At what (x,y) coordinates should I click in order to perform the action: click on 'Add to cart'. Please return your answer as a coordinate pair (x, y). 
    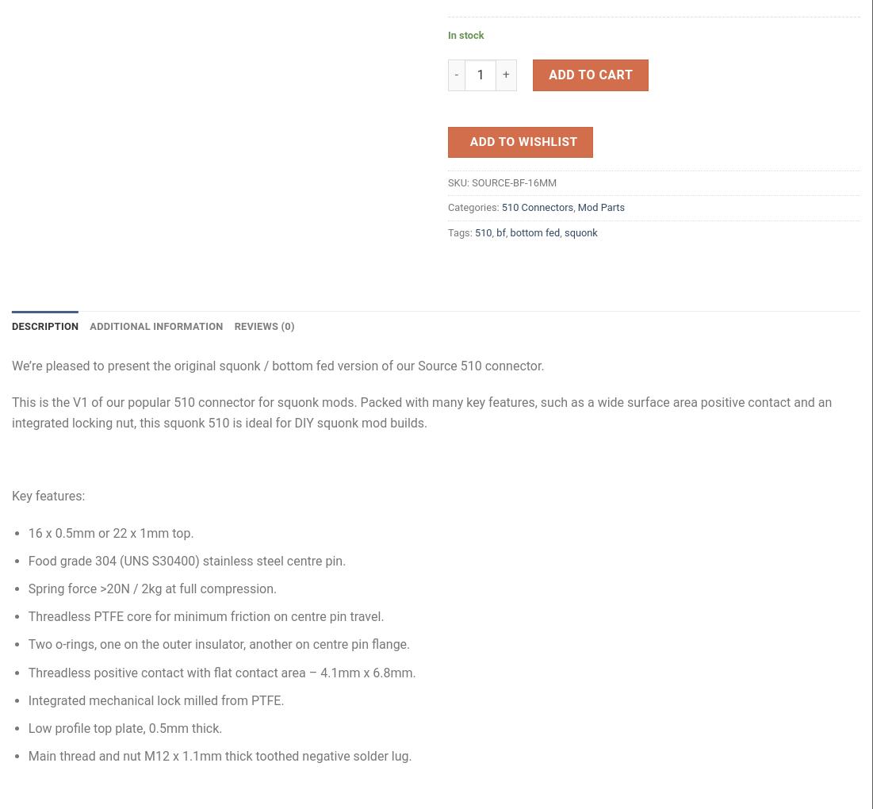
    Looking at the image, I should click on (590, 73).